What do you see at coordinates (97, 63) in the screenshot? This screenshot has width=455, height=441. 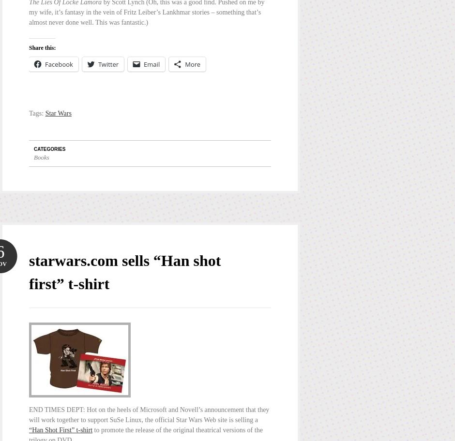 I see `'Twitter'` at bounding box center [97, 63].